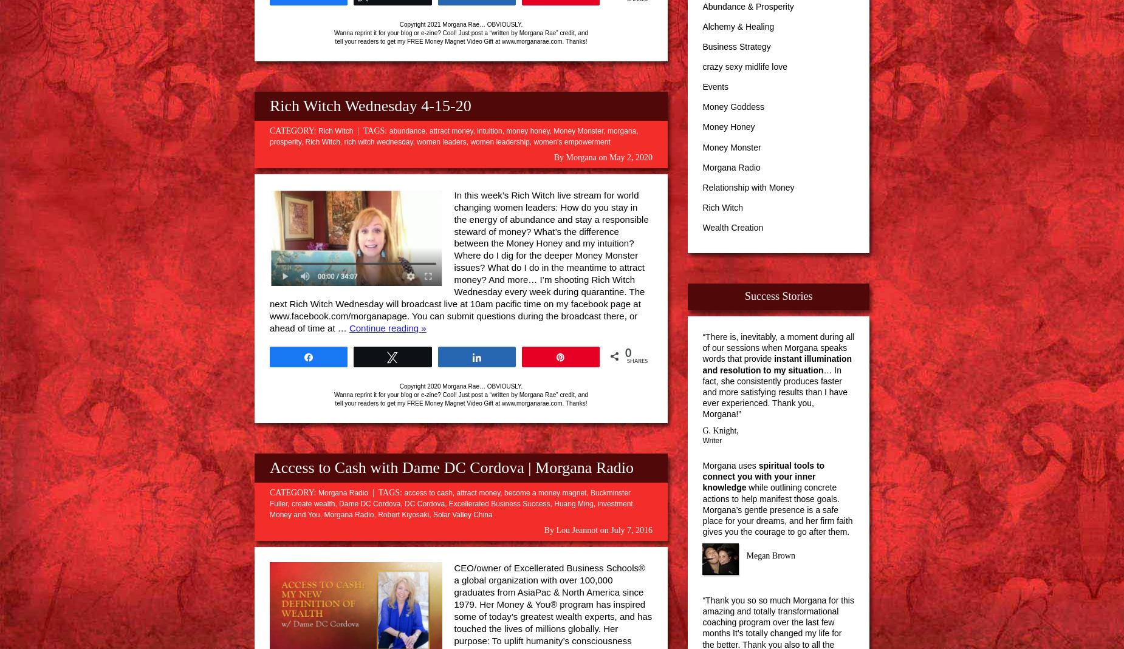  I want to click on 'Business Strategy', so click(735, 46).